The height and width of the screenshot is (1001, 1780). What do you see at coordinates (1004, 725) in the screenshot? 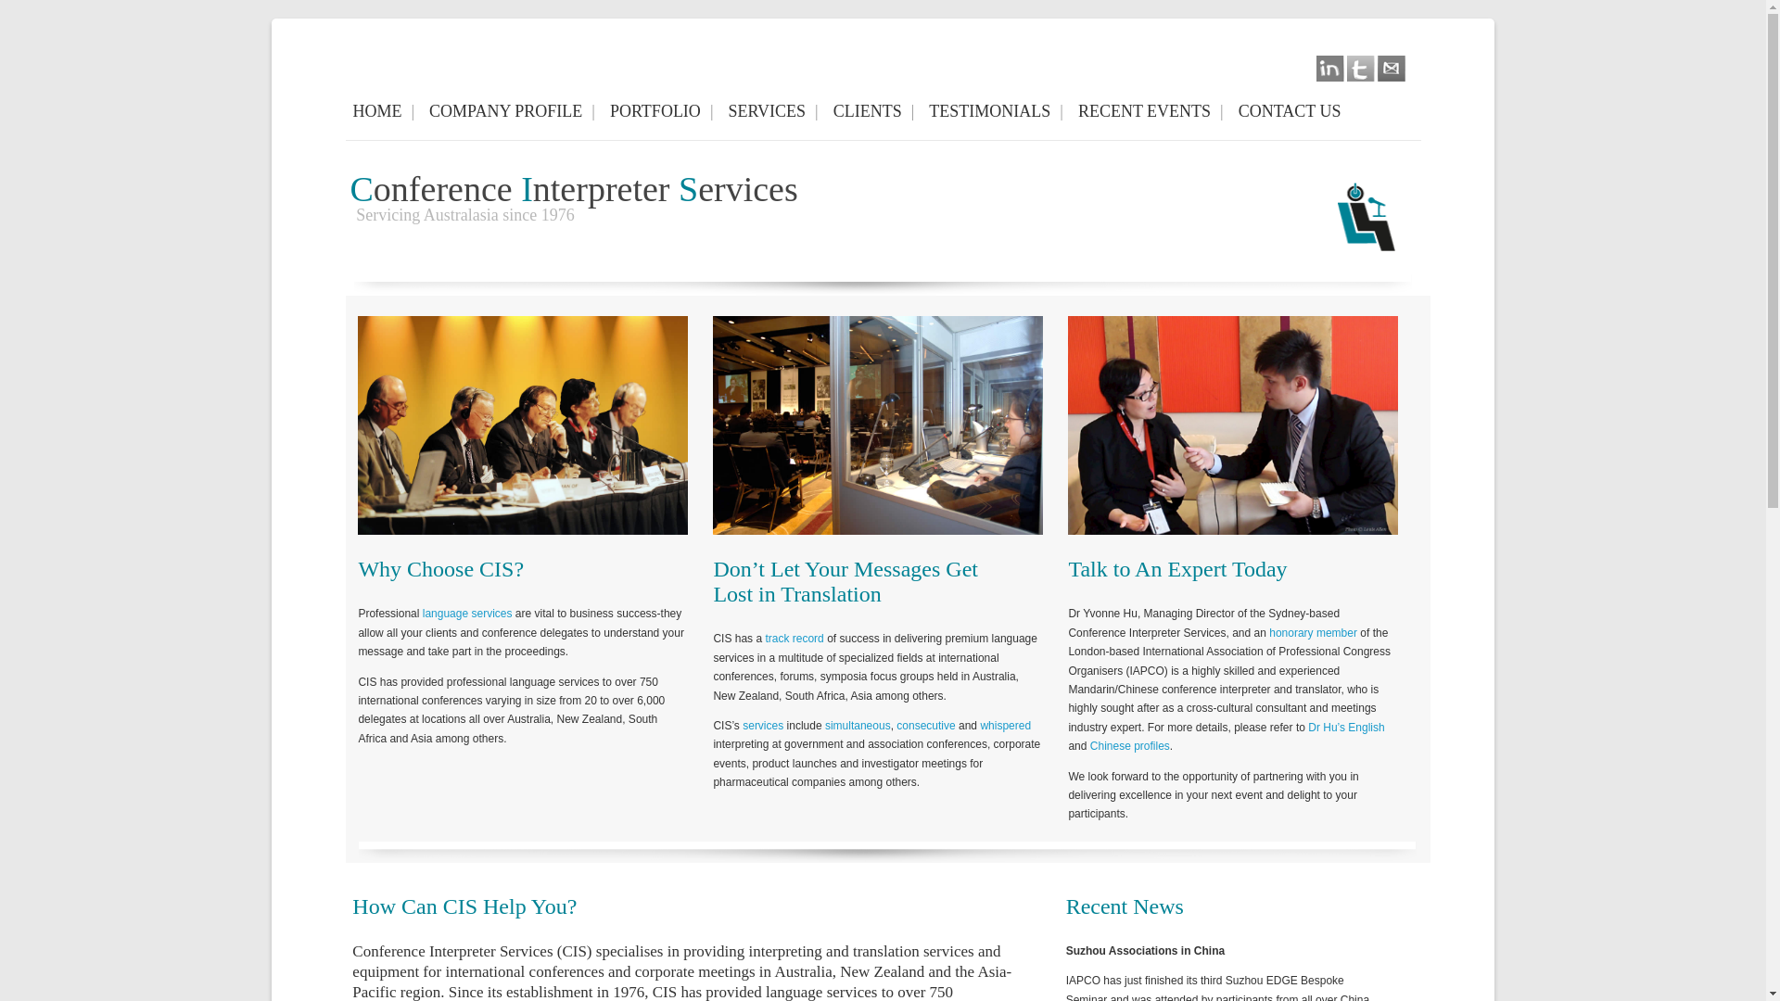
I see `'whispered'` at bounding box center [1004, 725].